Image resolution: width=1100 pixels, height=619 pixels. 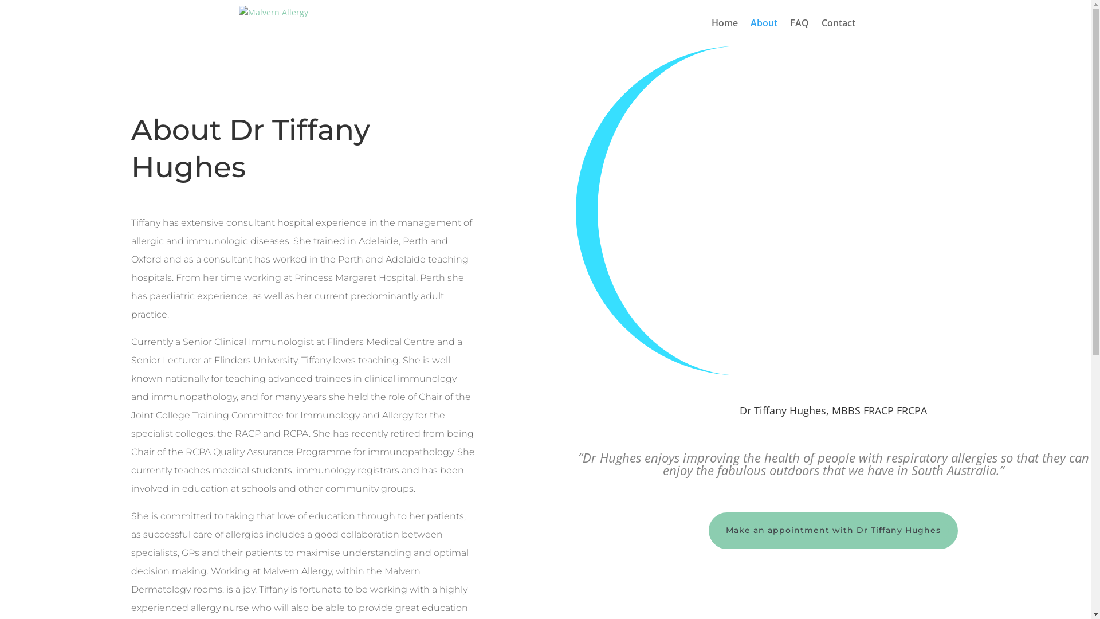 I want to click on 'Home', so click(x=724, y=32).